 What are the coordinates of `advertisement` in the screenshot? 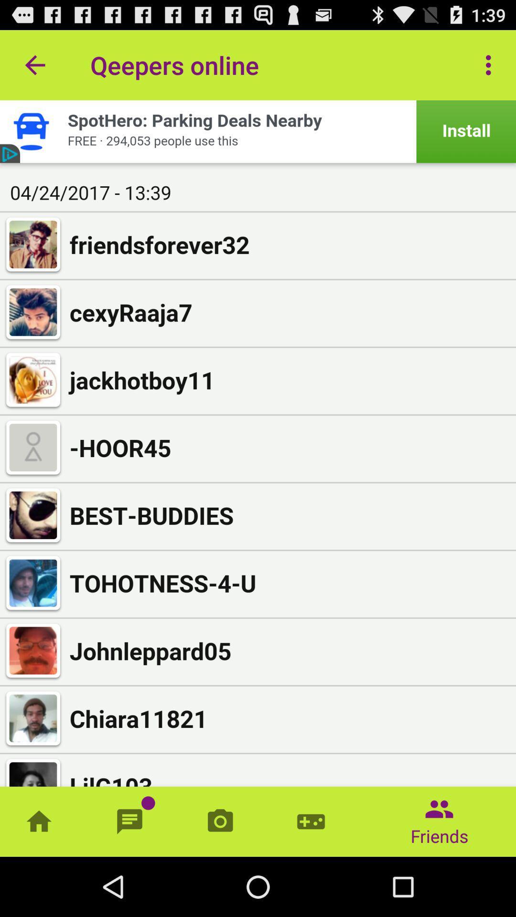 It's located at (258, 131).